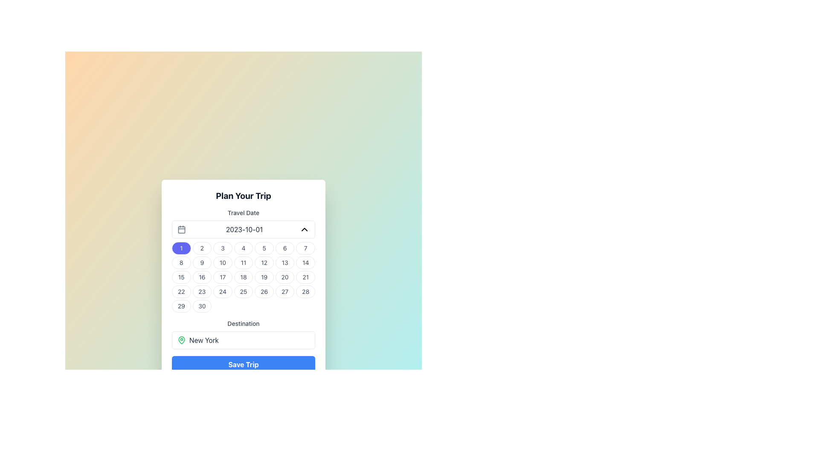  What do you see at coordinates (181, 229) in the screenshot?
I see `details of the calendar icon represented by a square shape with rounded corners, located in the calendar icon group above the 'Travel Date' input field` at bounding box center [181, 229].